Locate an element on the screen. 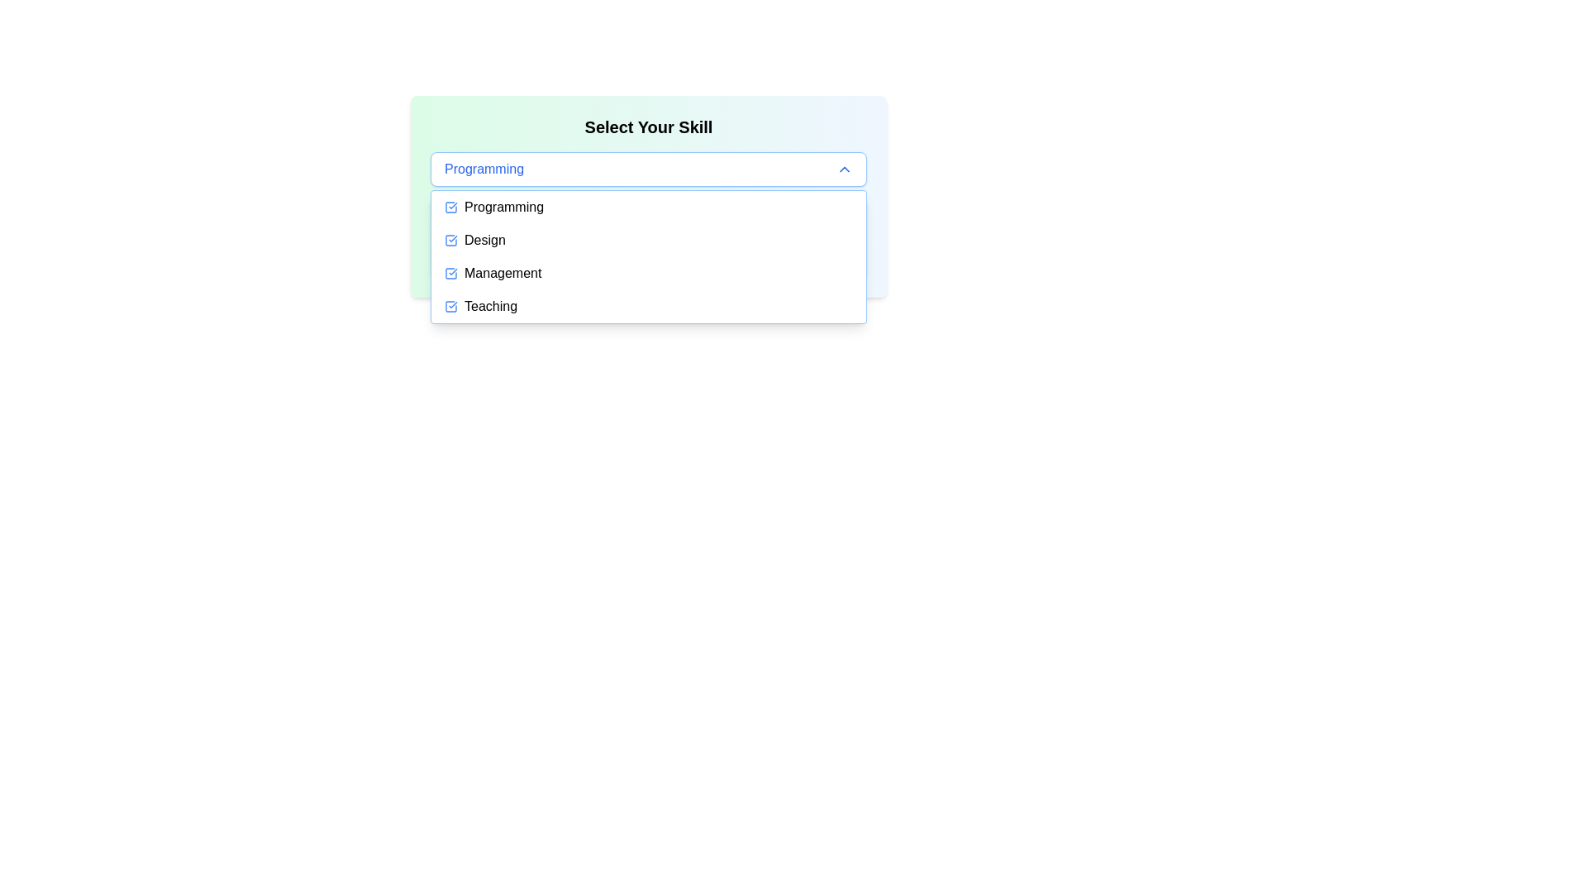 The height and width of the screenshot is (893, 1587). the Checkbox indicating the selection status for the 'Programming' option in the dropdown menu is located at coordinates (451, 206).